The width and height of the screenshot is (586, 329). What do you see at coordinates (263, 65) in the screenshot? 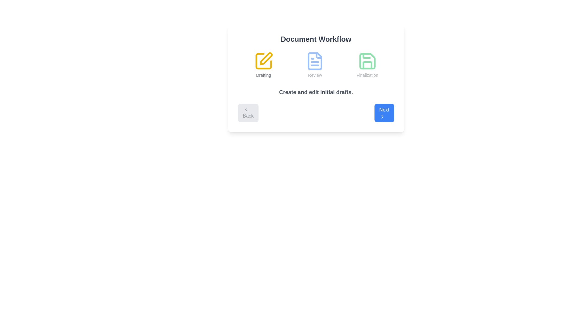
I see `the yellow pen icon labeled 'Drafting'` at bounding box center [263, 65].